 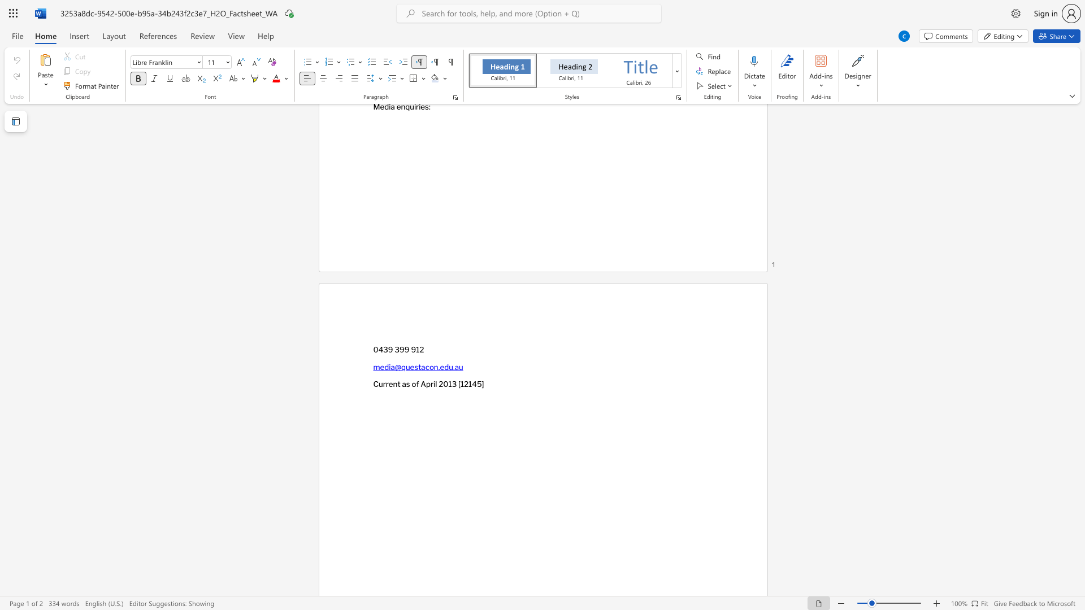 What do you see at coordinates (388, 384) in the screenshot?
I see `the subset text "ent as of April" within the text "Current as of April 2013 [12145]"` at bounding box center [388, 384].